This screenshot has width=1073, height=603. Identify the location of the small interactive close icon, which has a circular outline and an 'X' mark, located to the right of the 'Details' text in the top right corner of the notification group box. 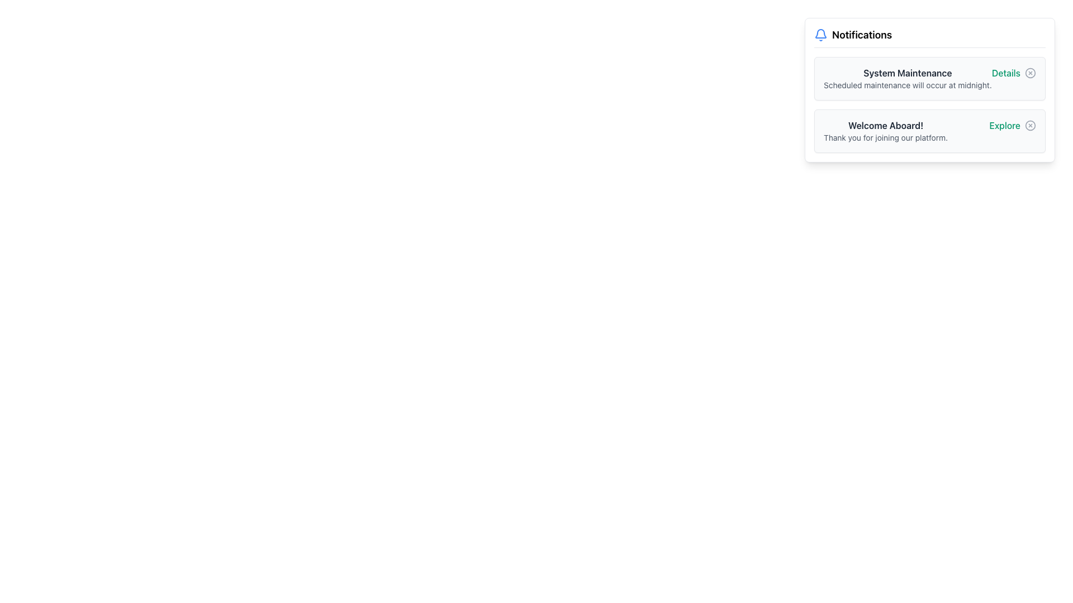
(1029, 73).